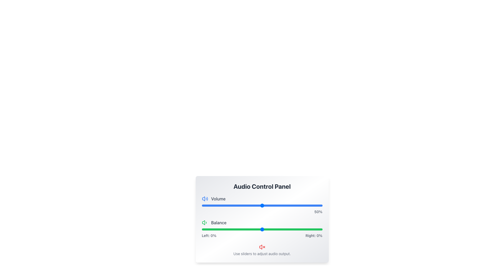 This screenshot has width=499, height=280. What do you see at coordinates (261, 247) in the screenshot?
I see `the red-colored volume speaker icon that indicates a muted or disabled state, located at the bottom portion of the panel among other volume-related icons` at bounding box center [261, 247].